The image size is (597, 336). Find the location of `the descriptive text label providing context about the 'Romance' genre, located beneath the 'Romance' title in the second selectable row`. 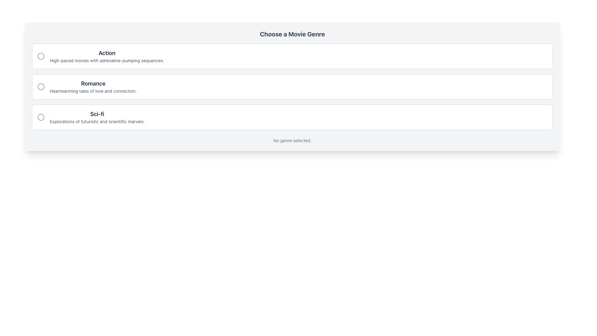

the descriptive text label providing context about the 'Romance' genre, located beneath the 'Romance' title in the second selectable row is located at coordinates (93, 91).